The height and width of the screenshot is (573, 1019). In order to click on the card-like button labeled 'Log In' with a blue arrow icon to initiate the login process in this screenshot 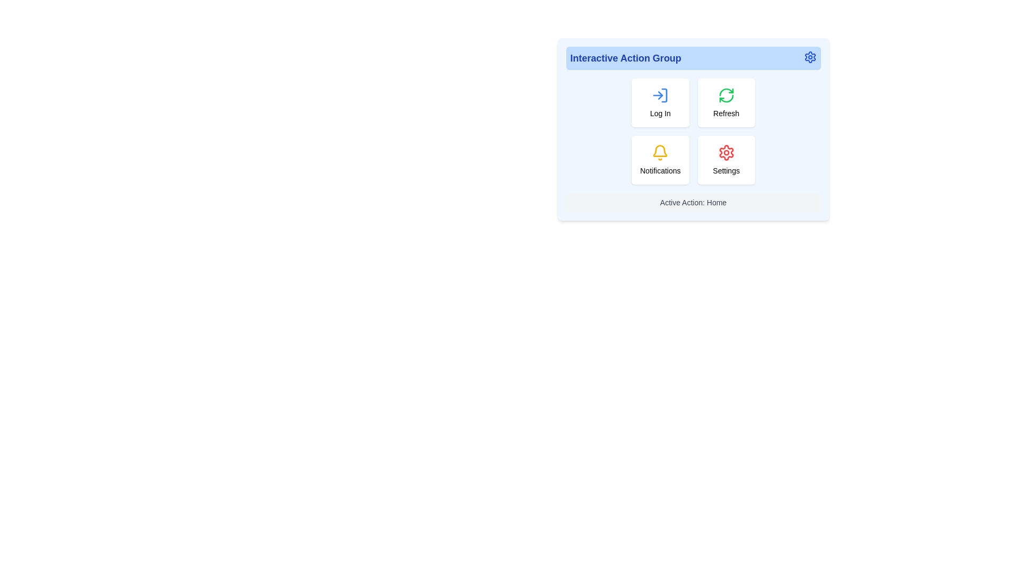, I will do `click(660, 102)`.